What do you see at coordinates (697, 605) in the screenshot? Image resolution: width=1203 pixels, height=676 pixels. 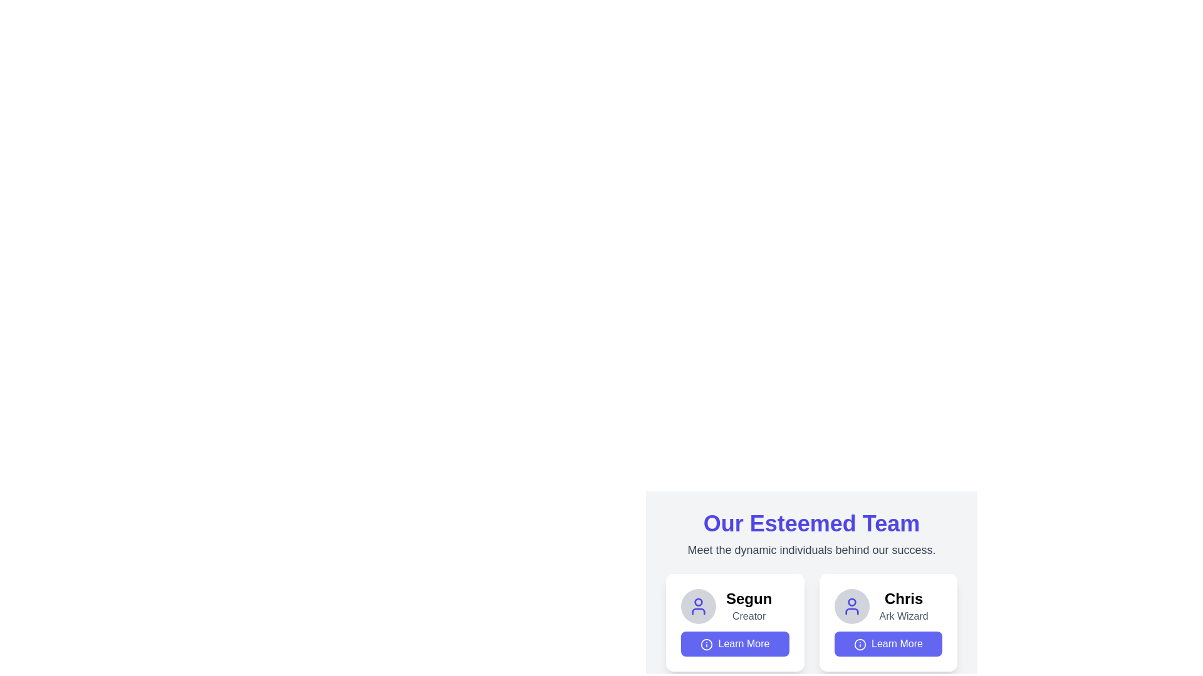 I see `the user profile icon, which is represented by a circular gray background and is located above the label 'Chris Ark Wizard' on the right side of the layout` at bounding box center [697, 605].